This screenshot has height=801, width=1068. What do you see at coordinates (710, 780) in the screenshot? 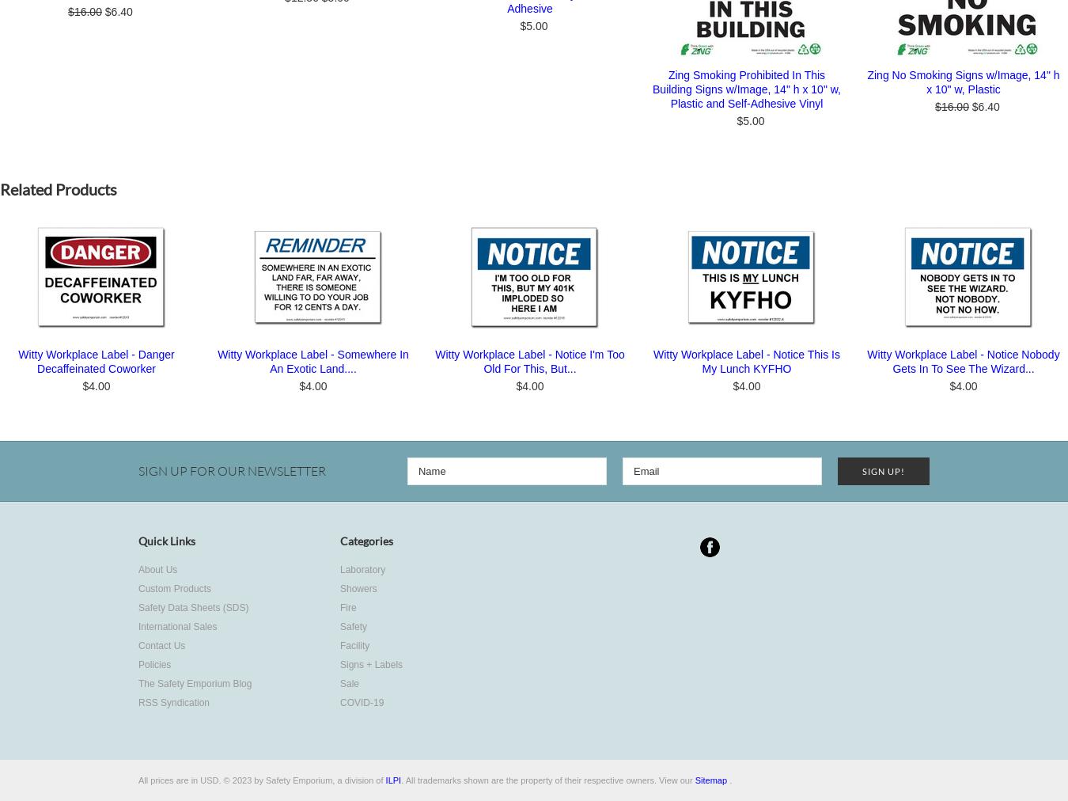
I see `'Sitemap'` at bounding box center [710, 780].